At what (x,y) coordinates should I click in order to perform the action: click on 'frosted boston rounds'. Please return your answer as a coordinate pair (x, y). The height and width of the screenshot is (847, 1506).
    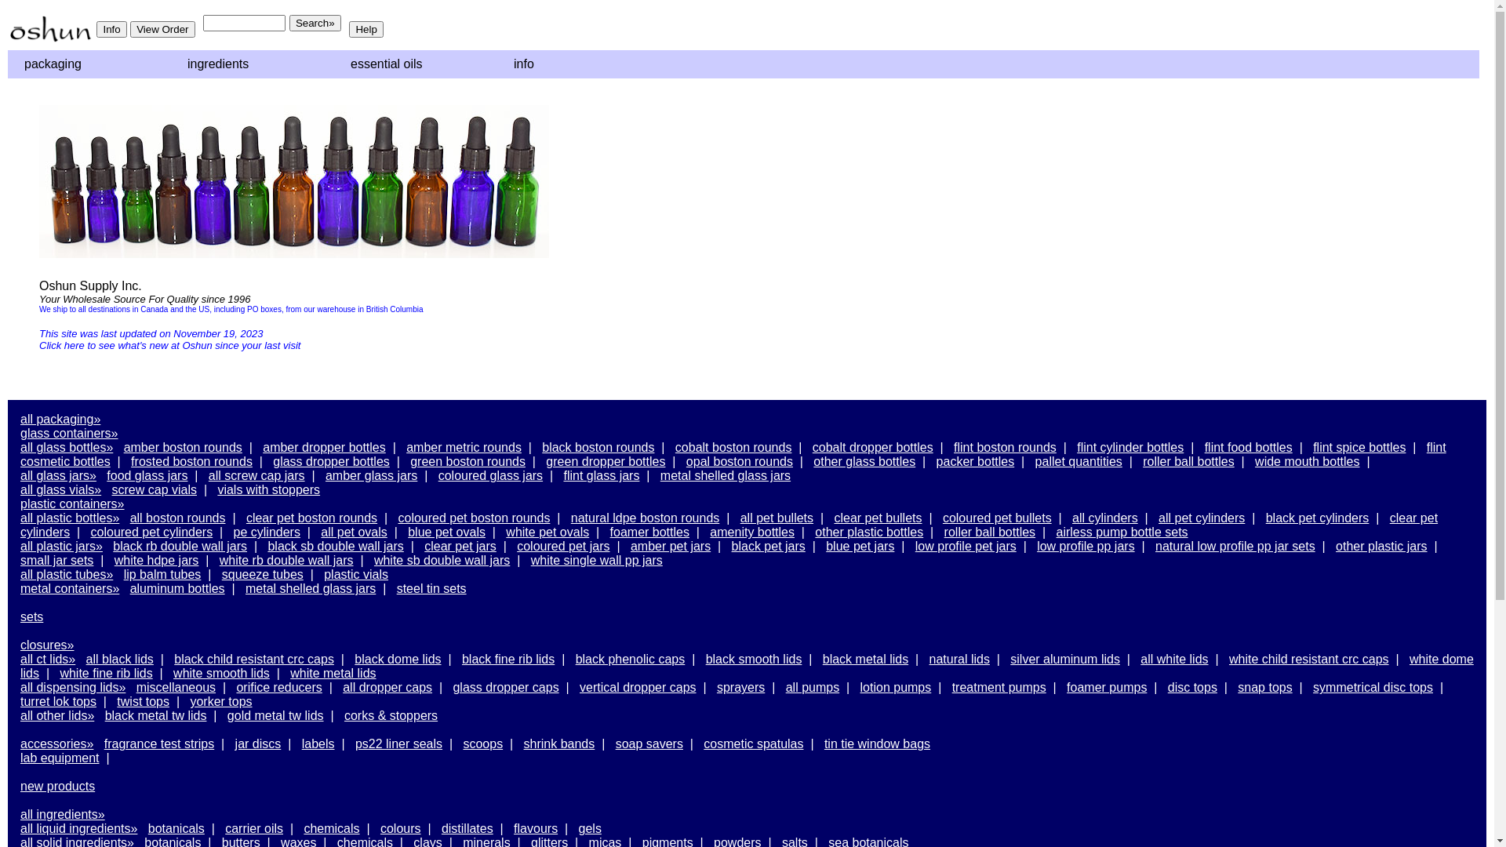
    Looking at the image, I should click on (191, 460).